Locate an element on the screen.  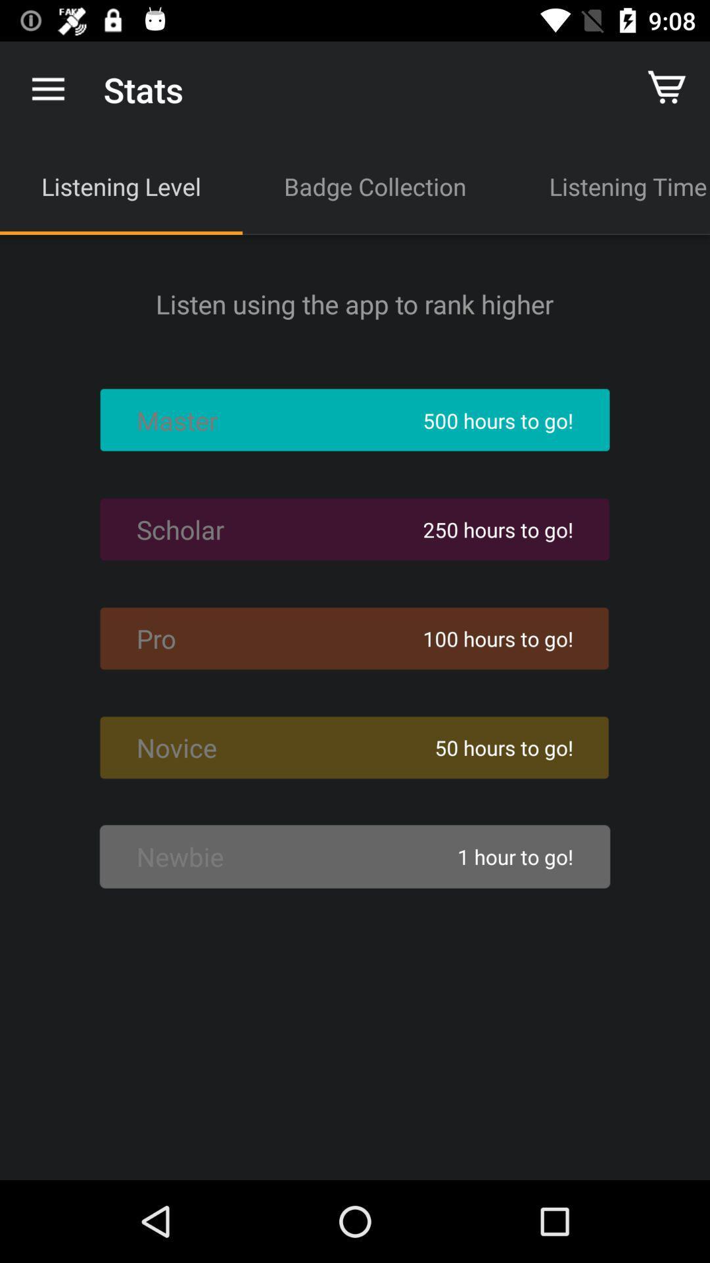
app next to the badge collection item is located at coordinates (121, 186).